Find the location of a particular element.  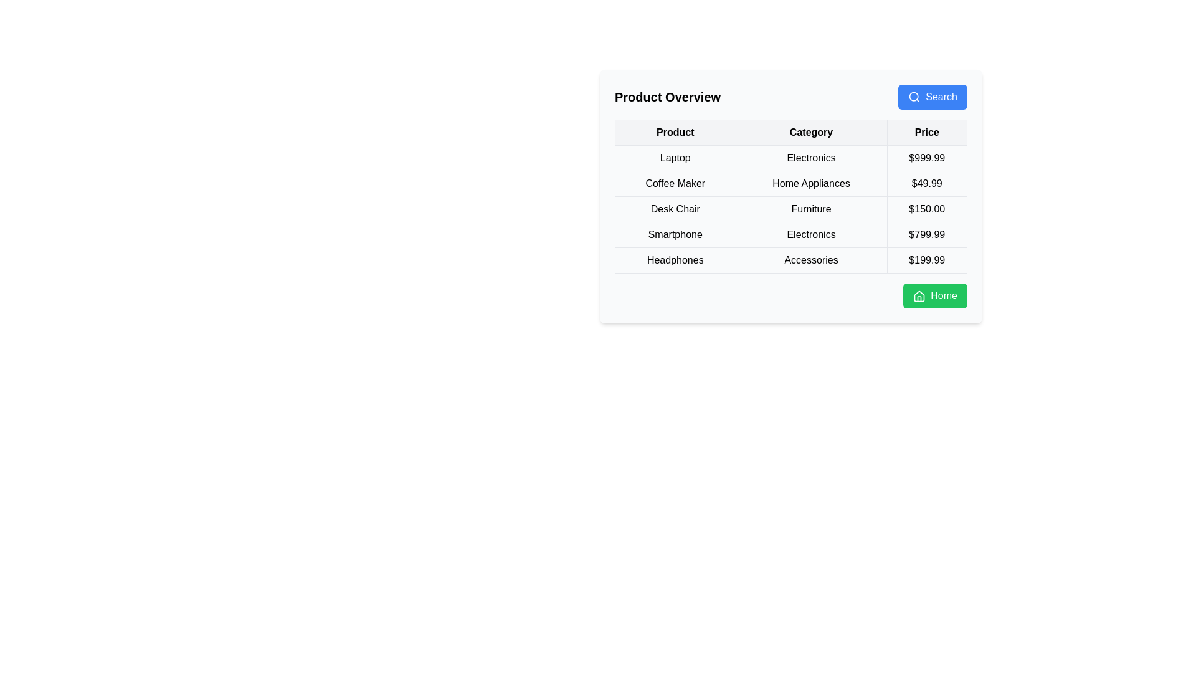

the text label displaying 'Furniture' located in the second cell of the 'Category' column under the row labeled 'Desk Chair' is located at coordinates (811, 208).